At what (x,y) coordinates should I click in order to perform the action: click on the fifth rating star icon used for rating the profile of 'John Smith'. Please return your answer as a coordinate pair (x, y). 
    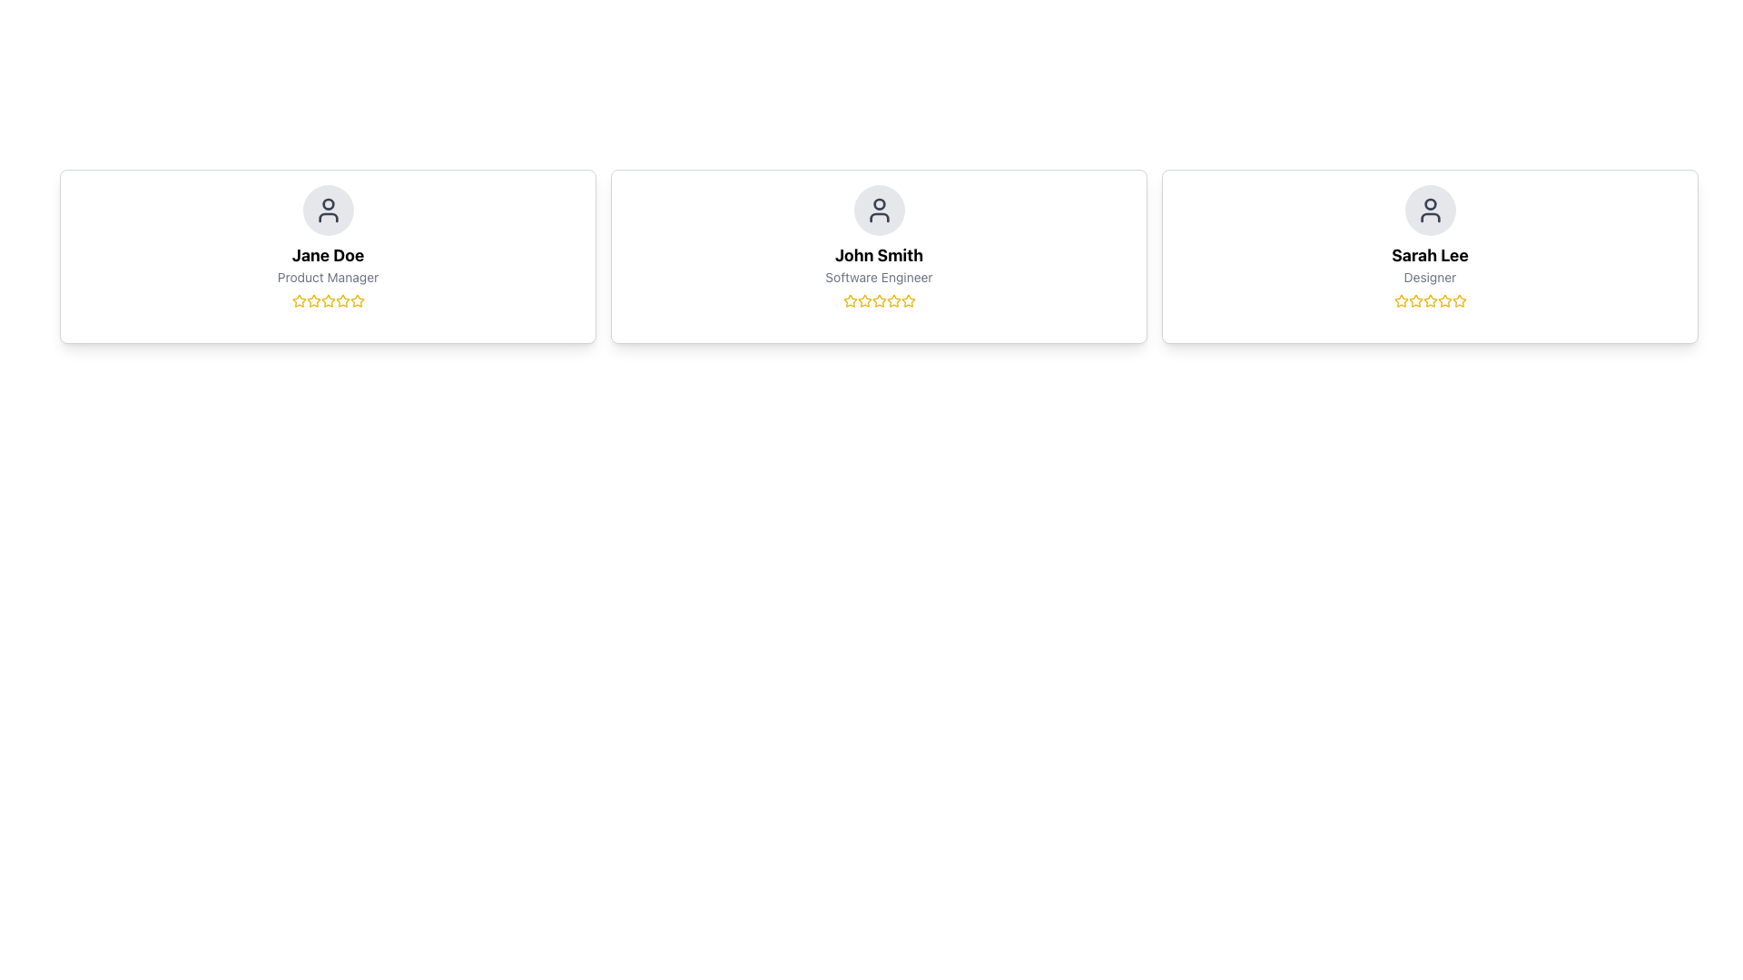
    Looking at the image, I should click on (893, 299).